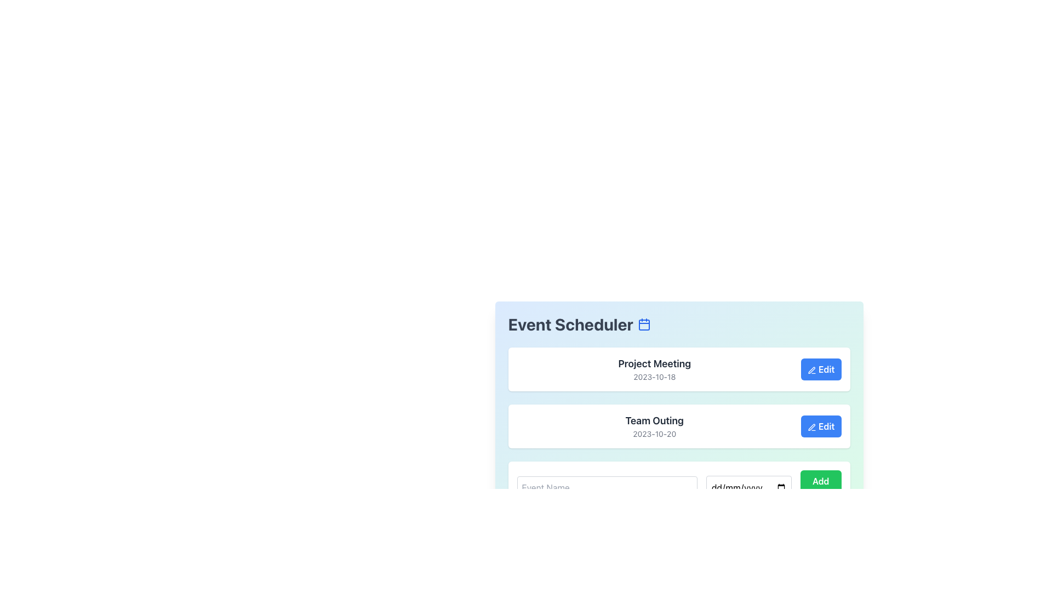 The image size is (1052, 592). I want to click on the pen icon within the 'Edit' button located at the top-right corner of the event details box, so click(811, 370).